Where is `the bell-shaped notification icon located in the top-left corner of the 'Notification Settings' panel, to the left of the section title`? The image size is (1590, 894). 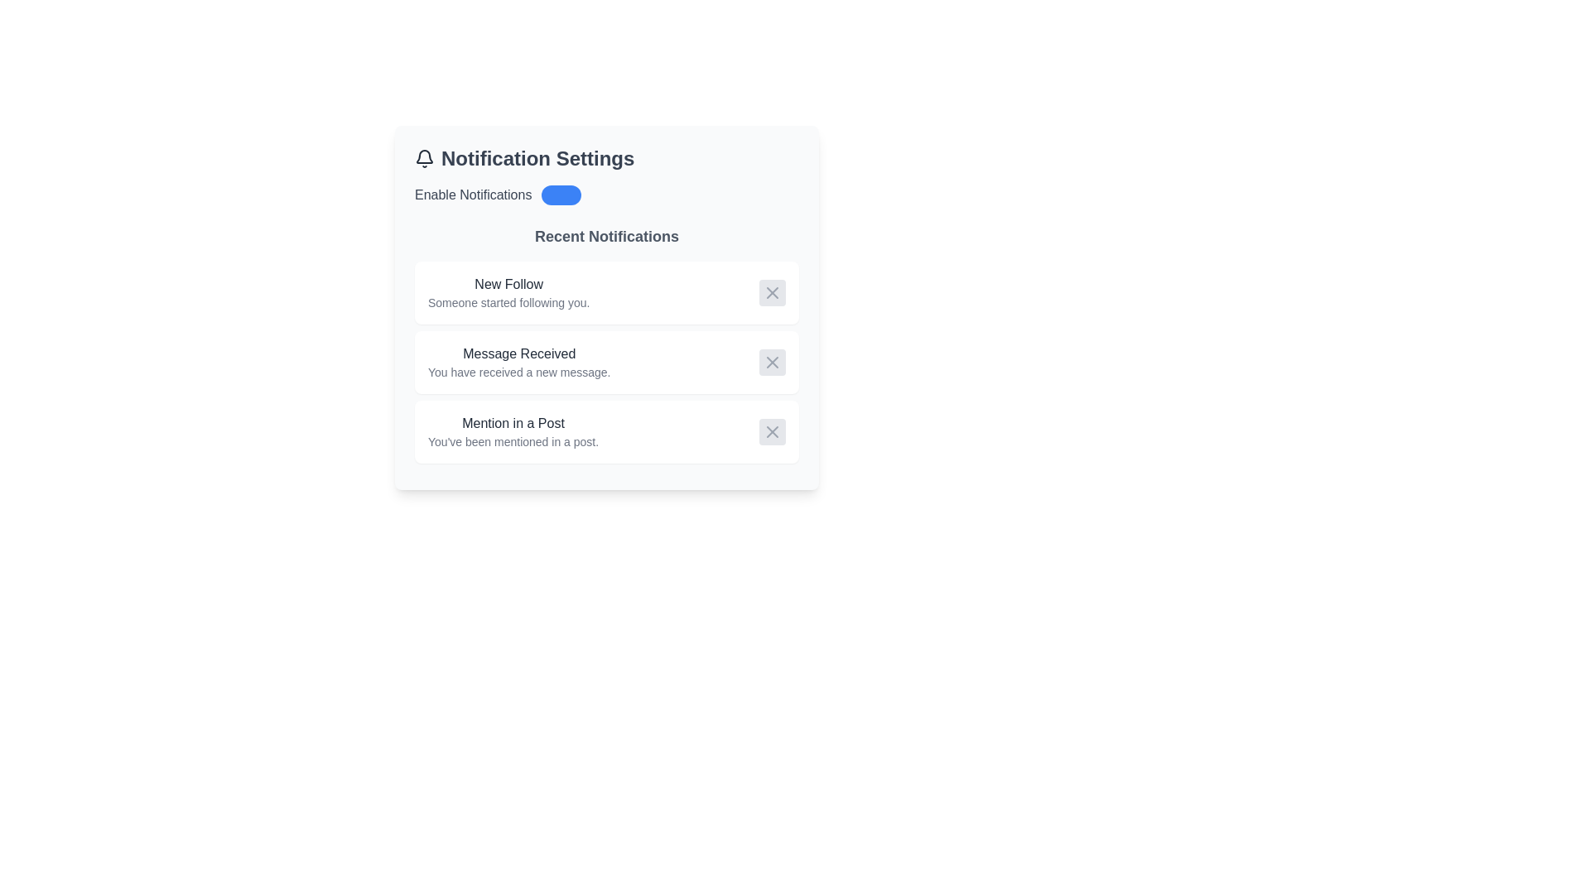 the bell-shaped notification icon located in the top-left corner of the 'Notification Settings' panel, to the left of the section title is located at coordinates (425, 156).